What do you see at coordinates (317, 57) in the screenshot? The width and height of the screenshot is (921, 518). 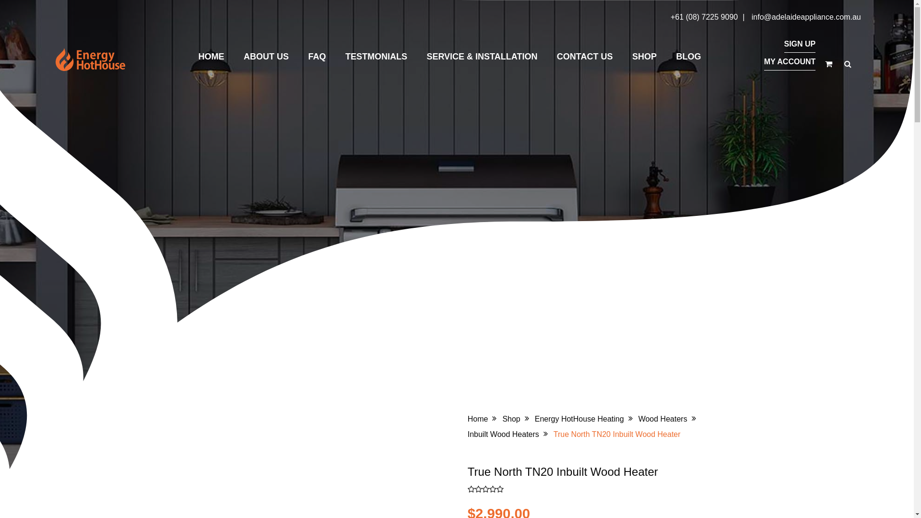 I see `'FAQ'` at bounding box center [317, 57].